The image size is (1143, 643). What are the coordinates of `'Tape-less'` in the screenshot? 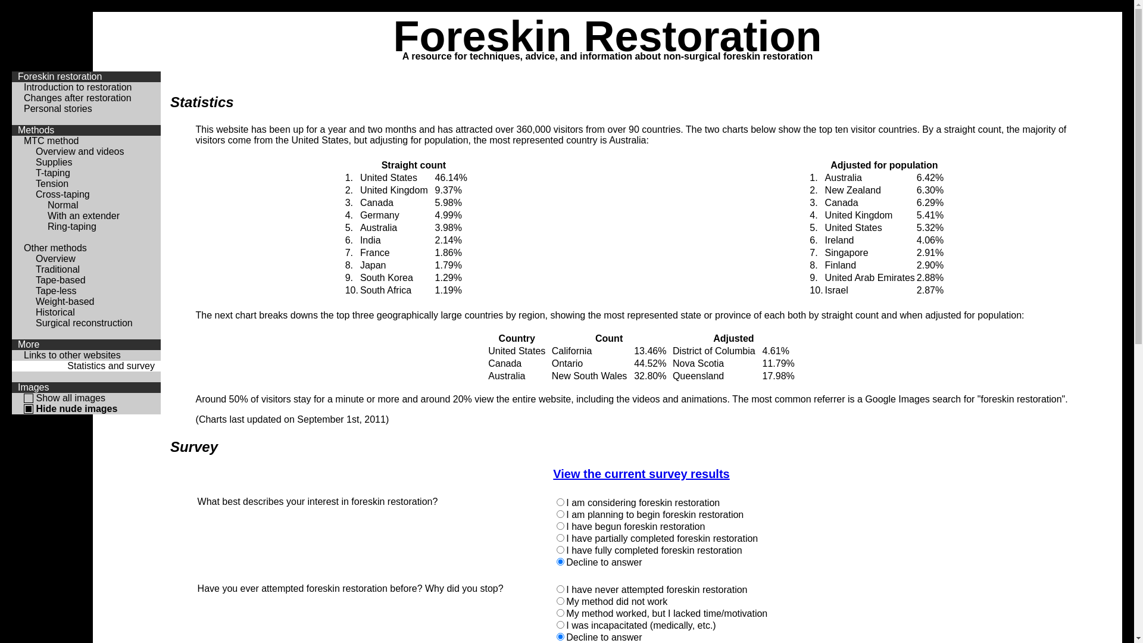 It's located at (55, 291).